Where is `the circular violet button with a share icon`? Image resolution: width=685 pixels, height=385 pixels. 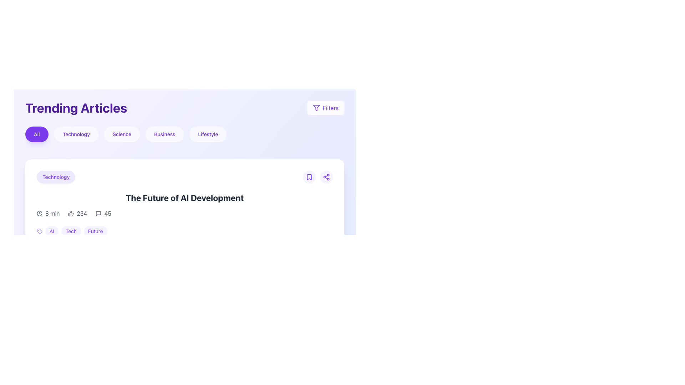
the circular violet button with a share icon is located at coordinates (326, 177).